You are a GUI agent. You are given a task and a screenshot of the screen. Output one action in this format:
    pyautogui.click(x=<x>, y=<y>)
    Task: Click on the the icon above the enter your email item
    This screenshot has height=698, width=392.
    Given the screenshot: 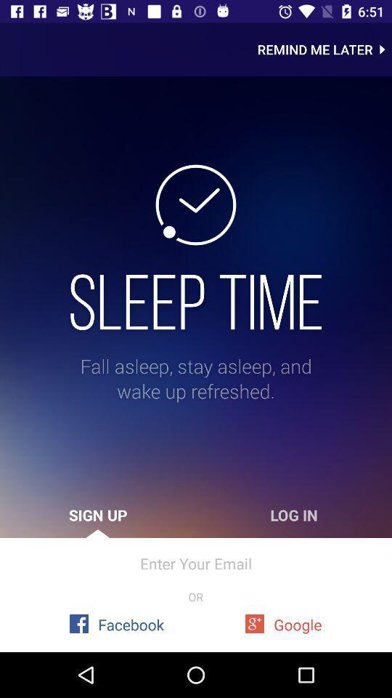 What is the action you would take?
    pyautogui.click(x=98, y=515)
    